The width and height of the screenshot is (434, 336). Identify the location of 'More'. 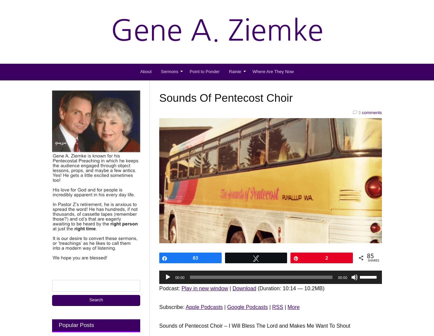
(287, 306).